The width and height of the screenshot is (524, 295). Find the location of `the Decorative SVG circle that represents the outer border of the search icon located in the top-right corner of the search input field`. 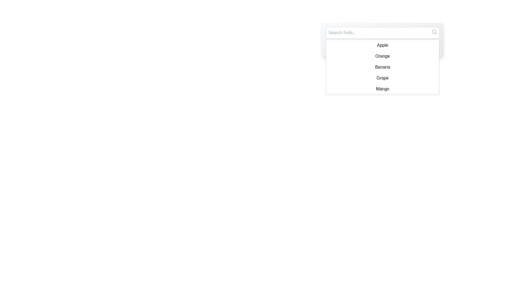

the Decorative SVG circle that represents the outer border of the search icon located in the top-right corner of the search input field is located at coordinates (434, 32).